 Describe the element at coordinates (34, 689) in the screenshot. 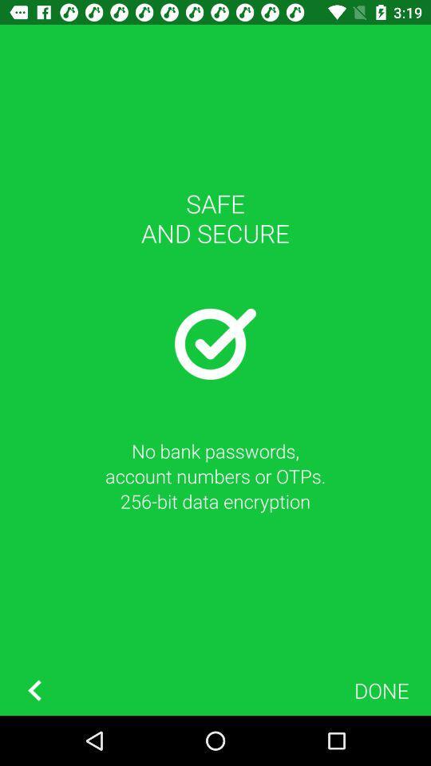

I see `the arrow_backward icon` at that location.